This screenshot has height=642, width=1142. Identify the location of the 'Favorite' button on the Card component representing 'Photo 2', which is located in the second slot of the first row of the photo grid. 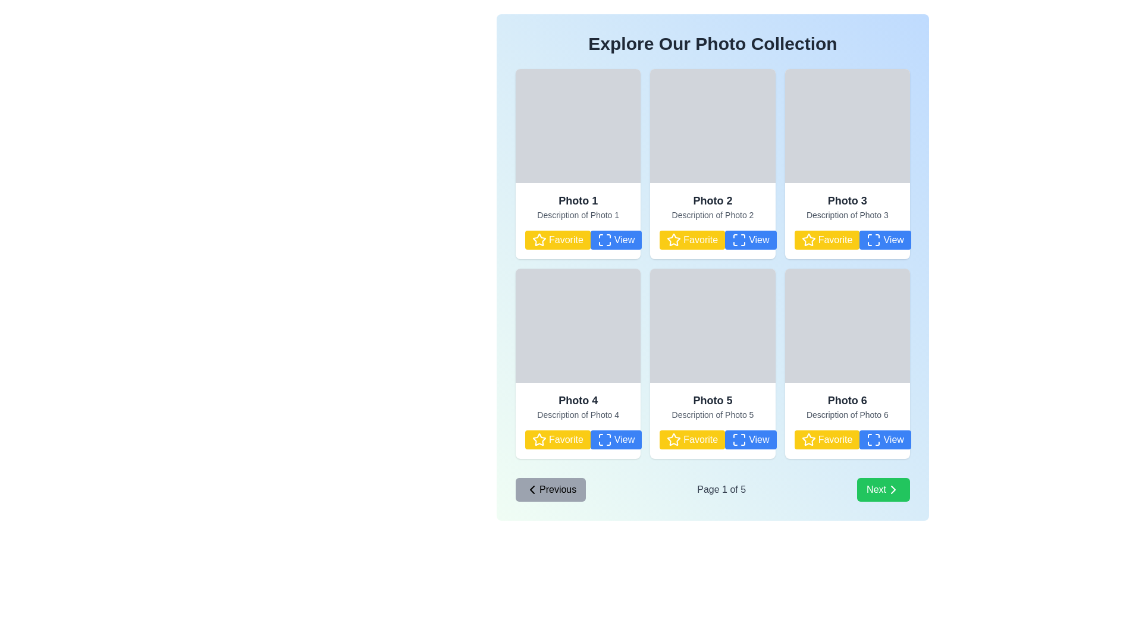
(713, 221).